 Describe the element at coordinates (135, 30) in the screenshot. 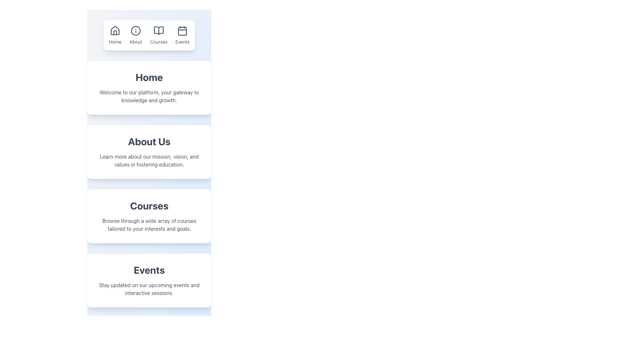

I see `the SVG graphical element (circle) that enhances the visual appearance of the 'About' icon, located near the top of the interface` at that location.